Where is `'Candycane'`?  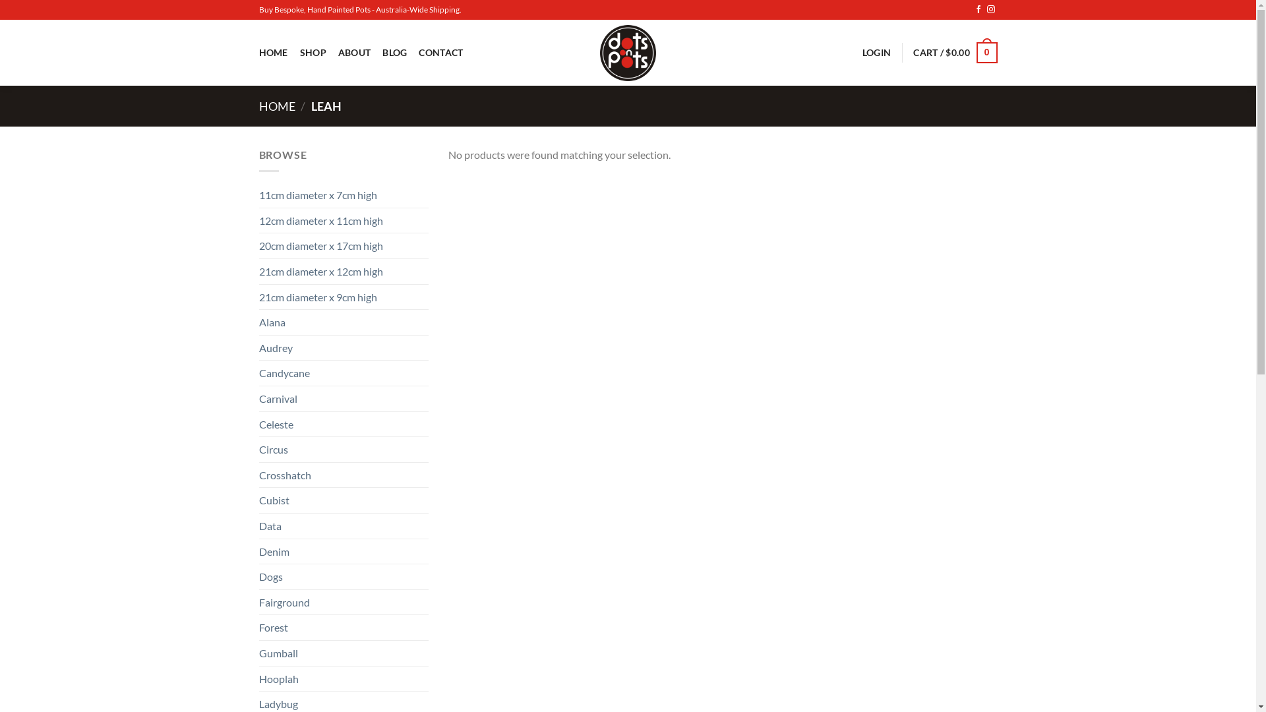 'Candycane' is located at coordinates (258, 373).